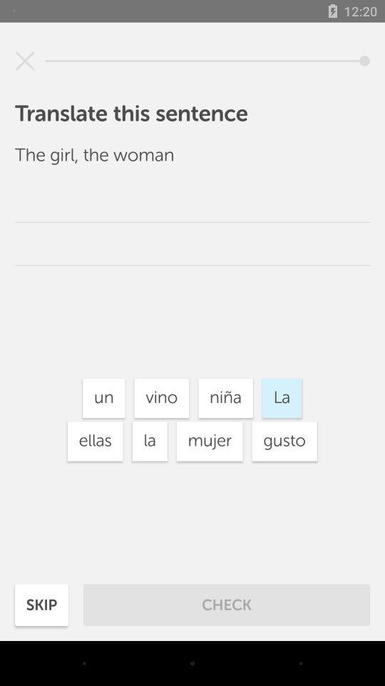 This screenshot has width=385, height=686. I want to click on the un button, so click(103, 398).